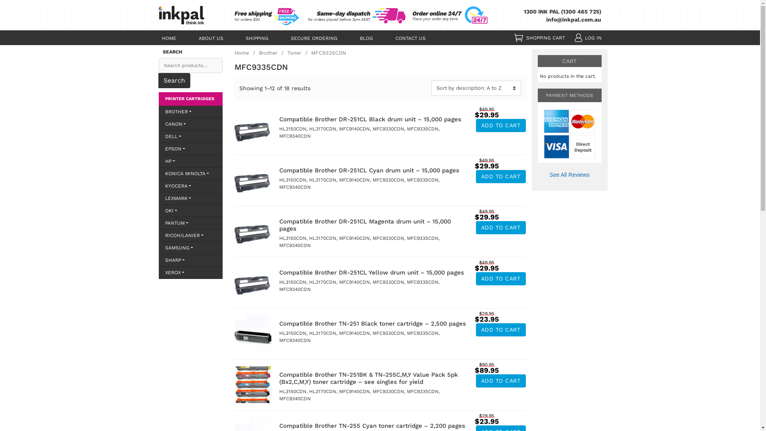  I want to click on 'Home', so click(246, 53).